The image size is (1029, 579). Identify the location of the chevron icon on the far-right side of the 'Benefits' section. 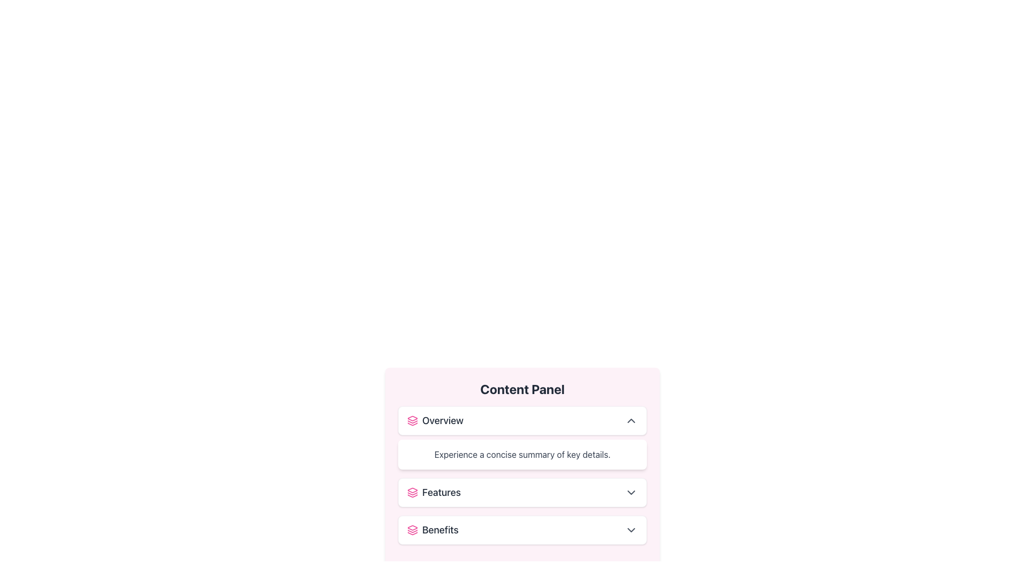
(631, 529).